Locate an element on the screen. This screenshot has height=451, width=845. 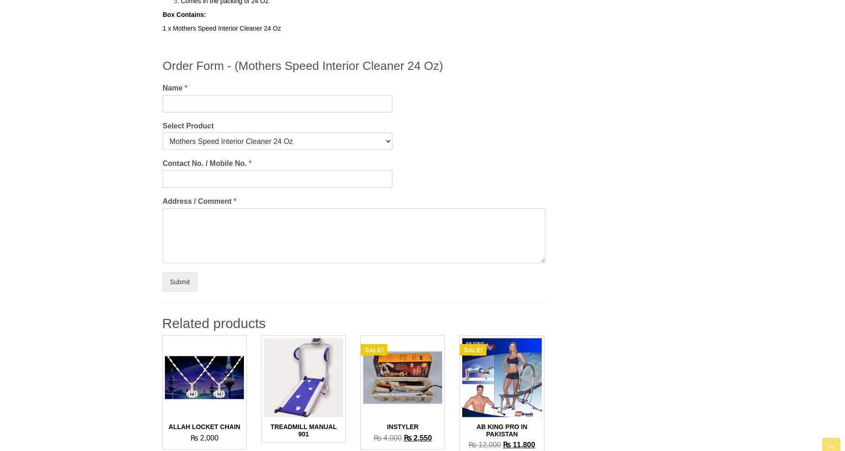
'11,800' is located at coordinates (522, 445).